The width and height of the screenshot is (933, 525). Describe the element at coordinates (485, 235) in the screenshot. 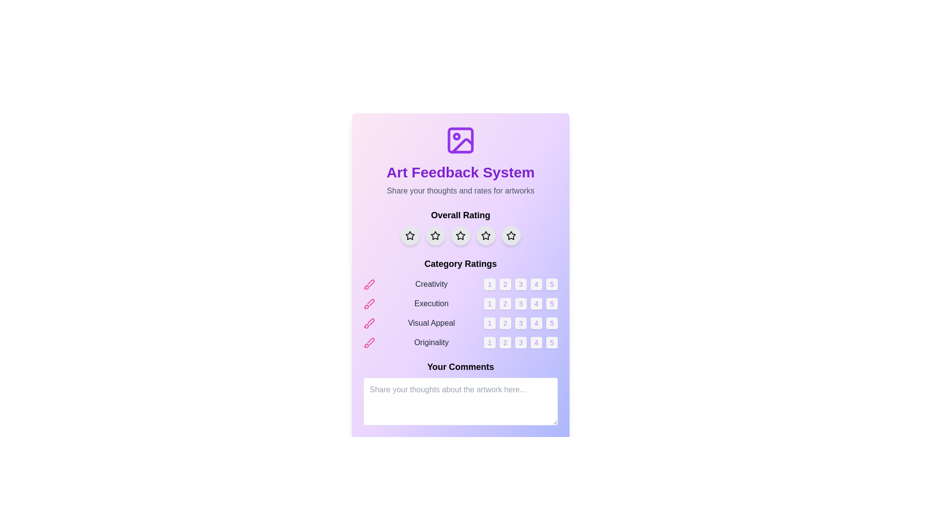

I see `the third star icon in the Overall Rating section to provide a rating` at that location.